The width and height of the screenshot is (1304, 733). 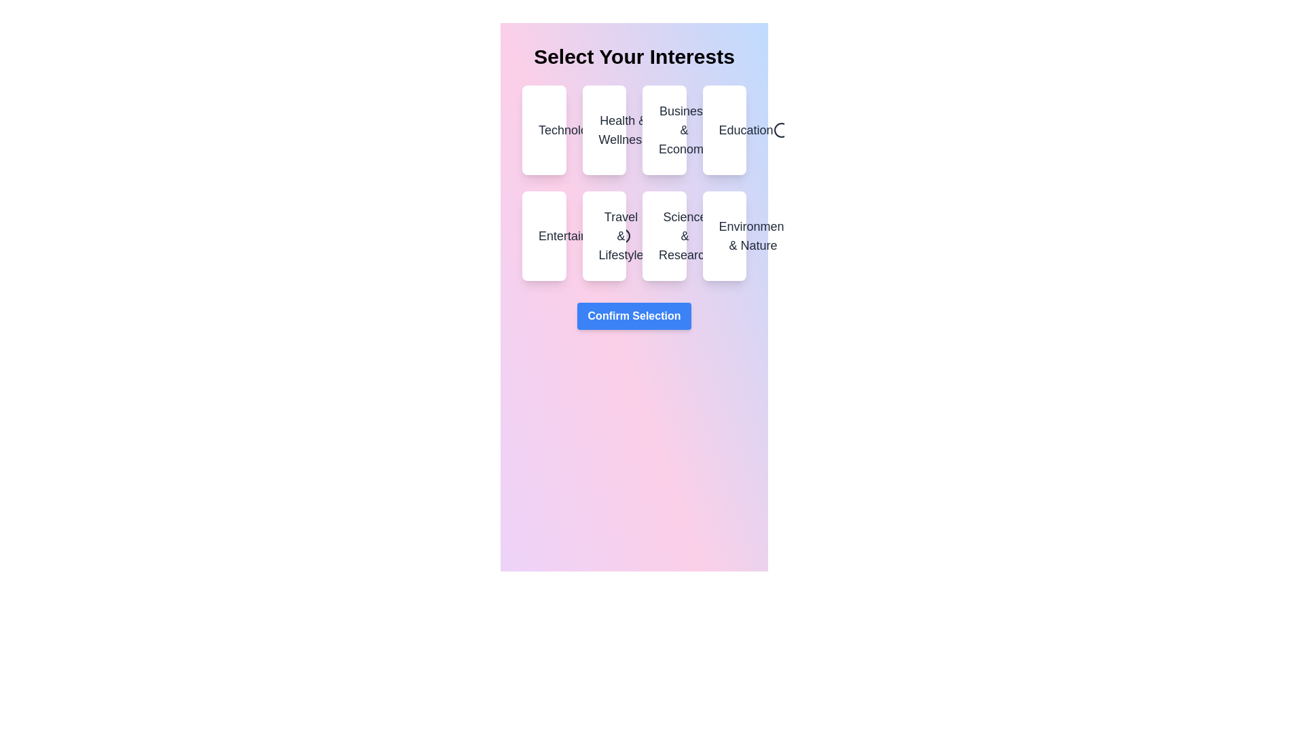 I want to click on the category Environment & Nature to see the hover effect, so click(x=723, y=235).